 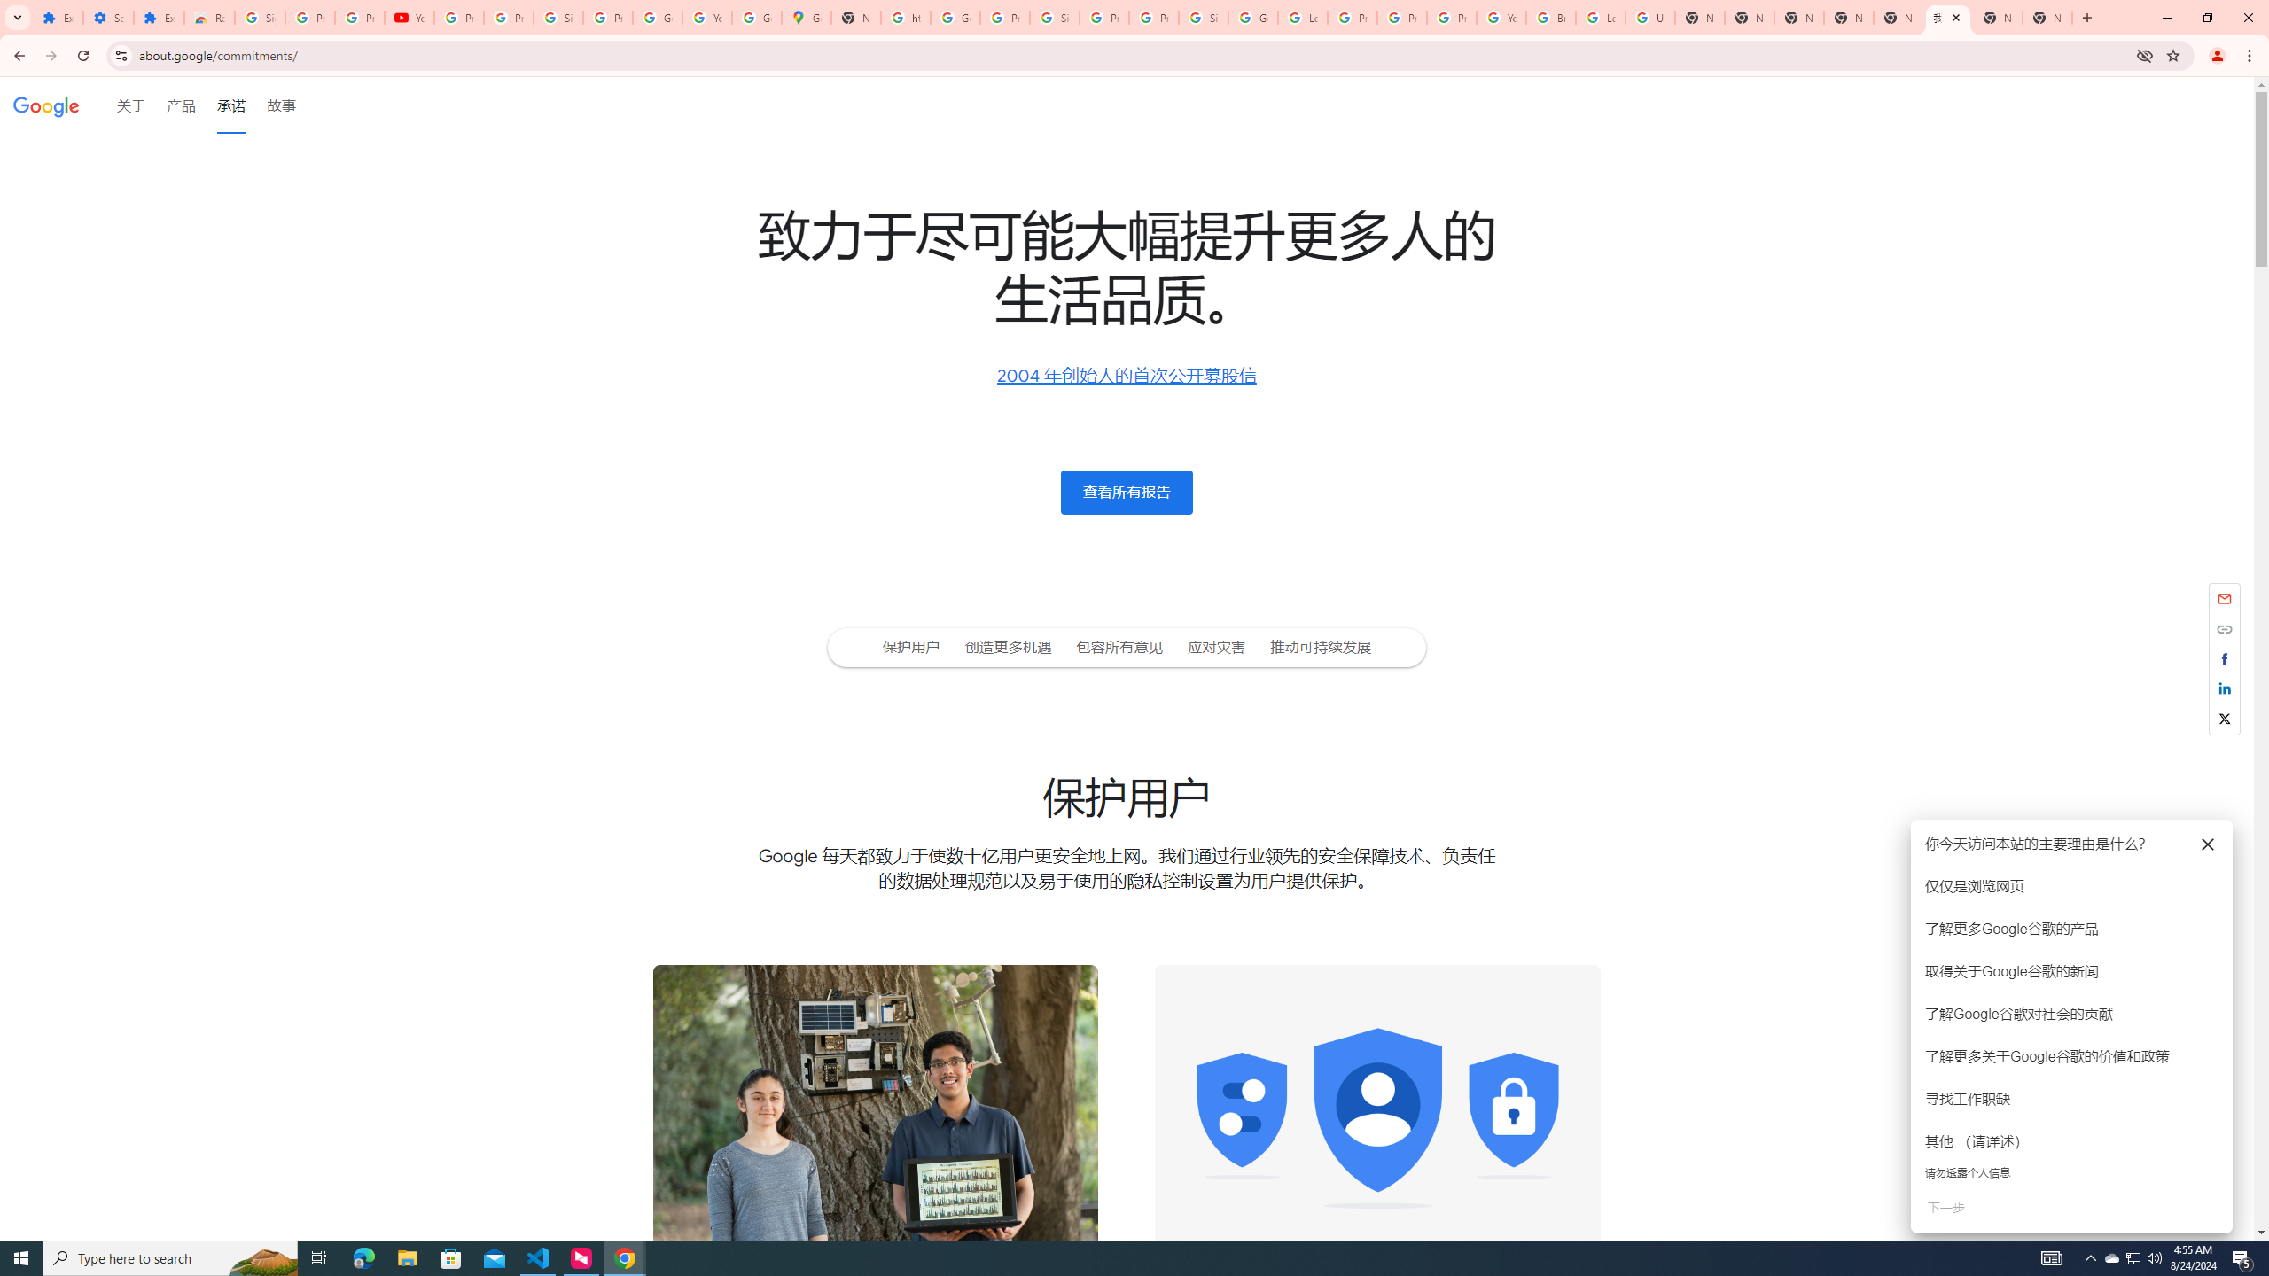 What do you see at coordinates (1054, 17) in the screenshot?
I see `'Sign in - Google Accounts'` at bounding box center [1054, 17].